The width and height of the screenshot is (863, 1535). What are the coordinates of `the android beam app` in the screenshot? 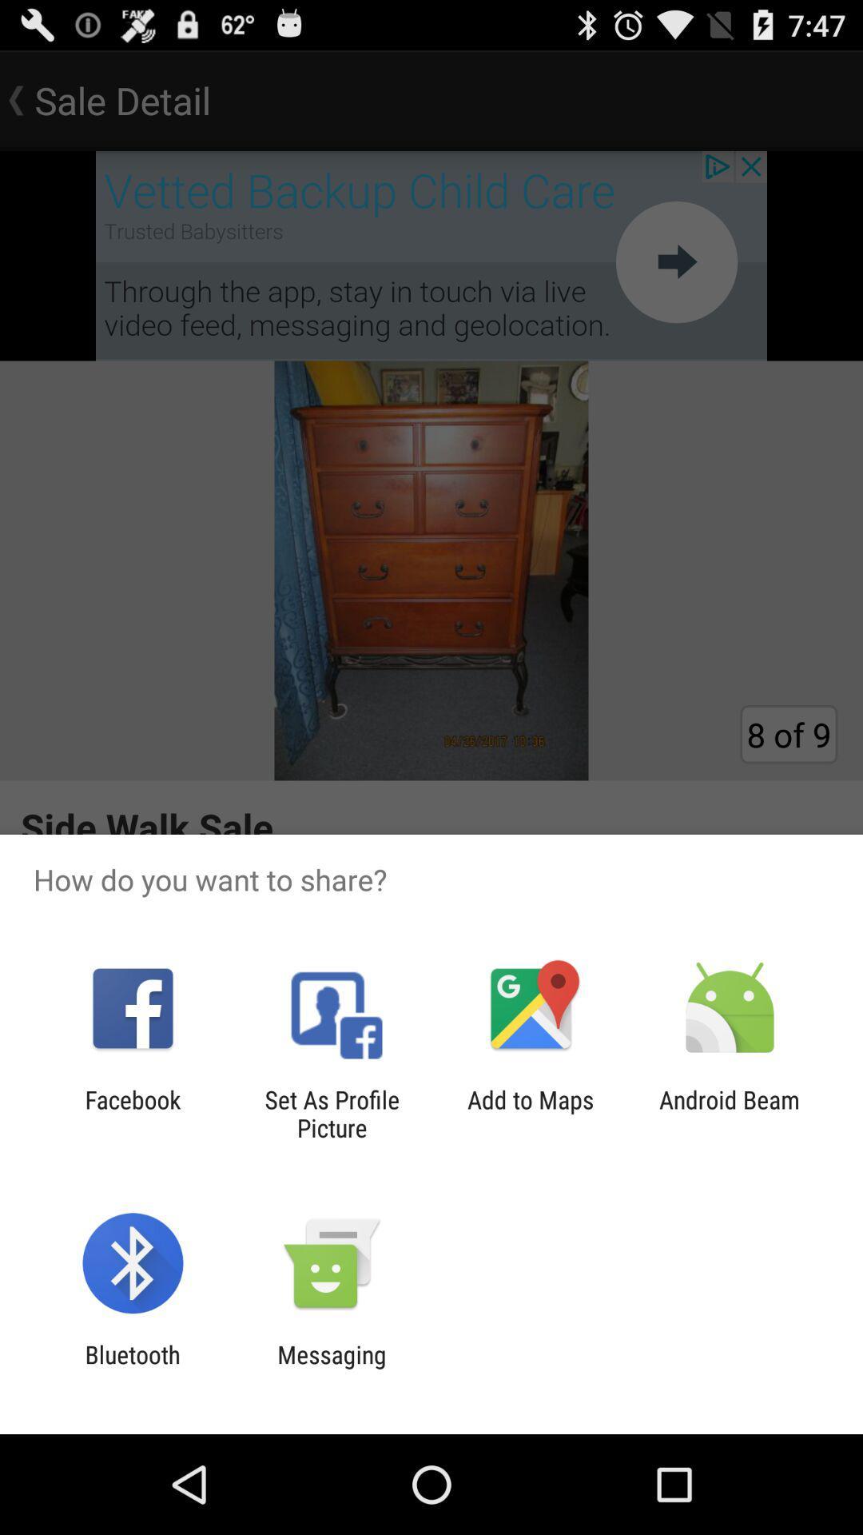 It's located at (730, 1113).